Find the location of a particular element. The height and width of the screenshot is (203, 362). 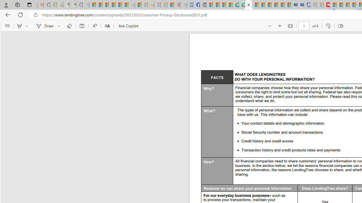

'Page view' is located at coordinates (341, 26).